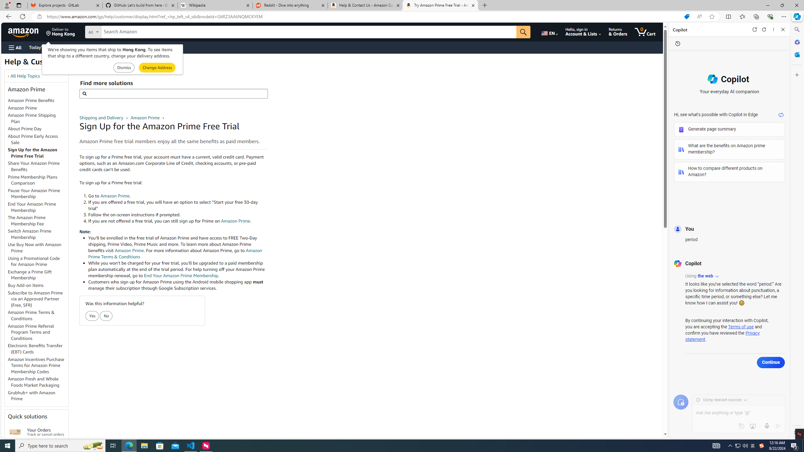 The height and width of the screenshot is (452, 804). Describe the element at coordinates (38, 119) in the screenshot. I see `'Amazon Prime Shipping Plan'` at that location.